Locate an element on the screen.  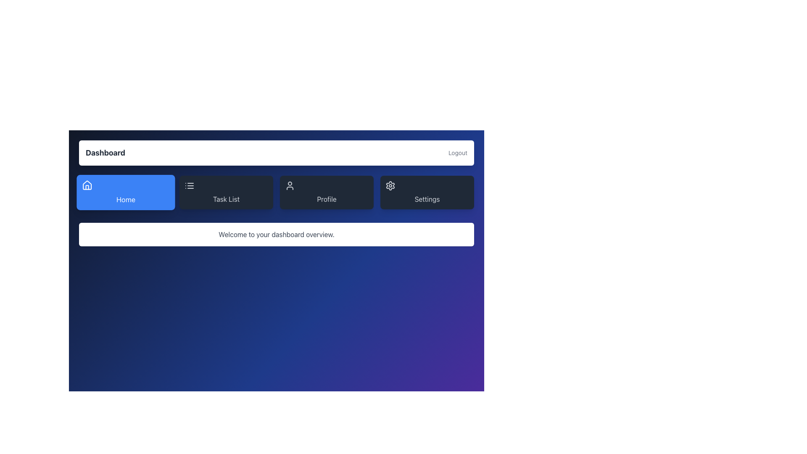
the user profile icon located at the center of the profile button within the navigation menu is located at coordinates (290, 185).